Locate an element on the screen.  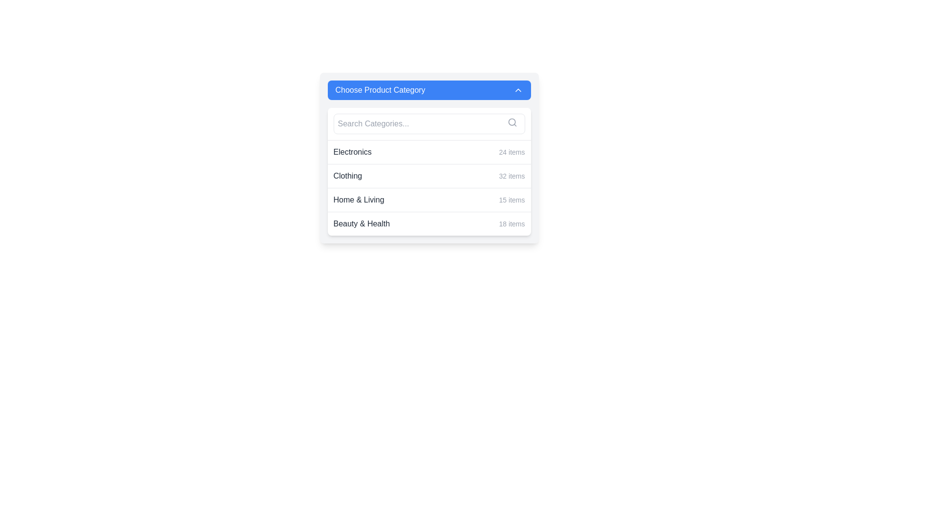
the first list item in the category selector box that displays 'Electronics' with '24 items' available to visualize the hover effect is located at coordinates (429, 152).